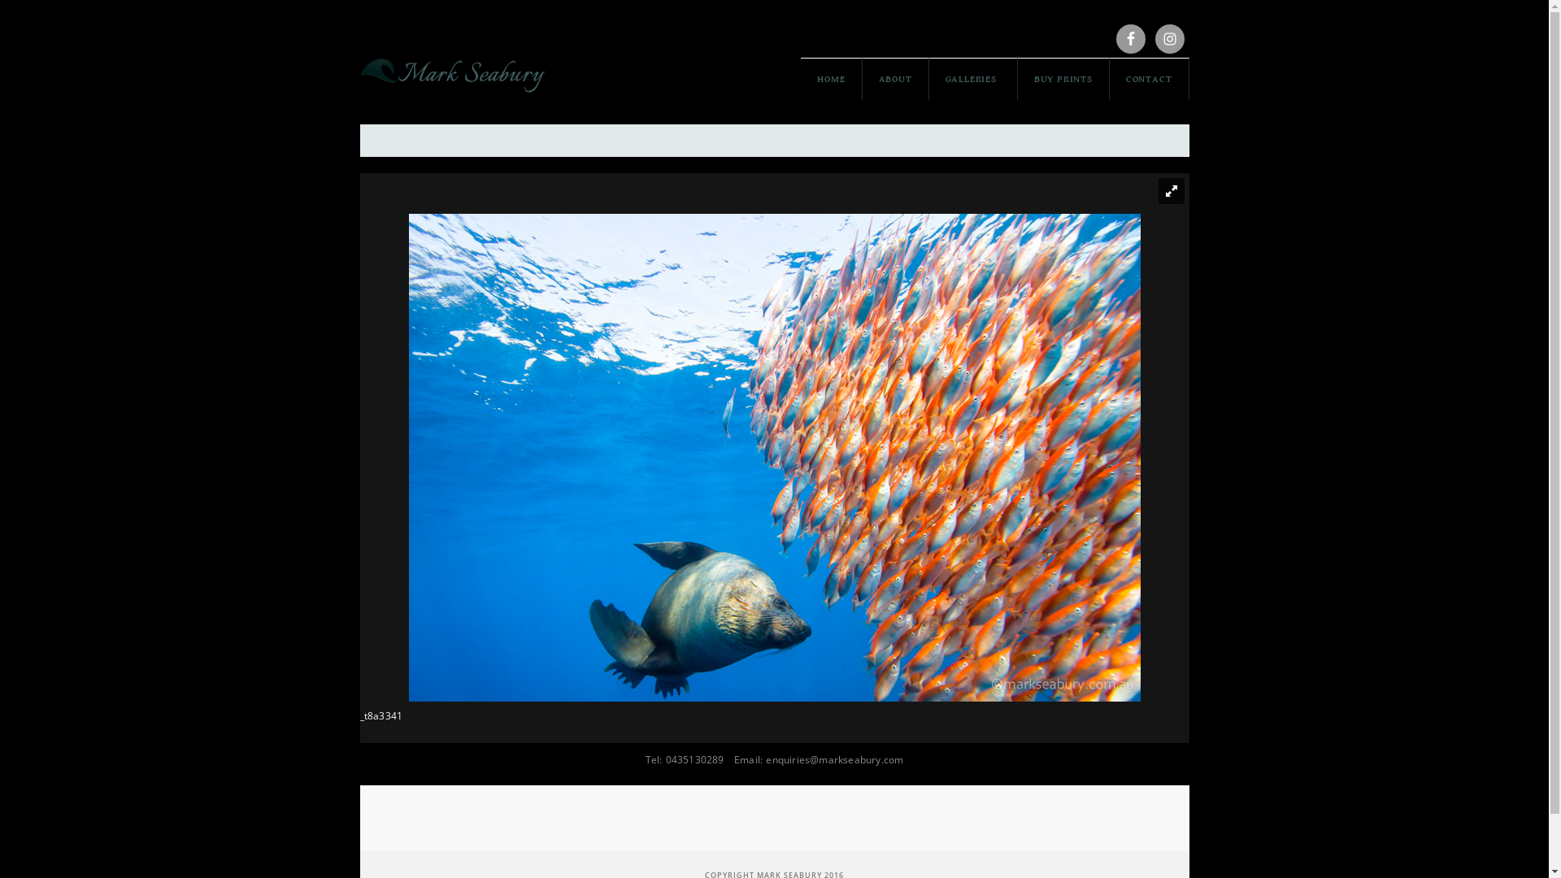  I want to click on 'BUY PRINTS', so click(1063, 78).